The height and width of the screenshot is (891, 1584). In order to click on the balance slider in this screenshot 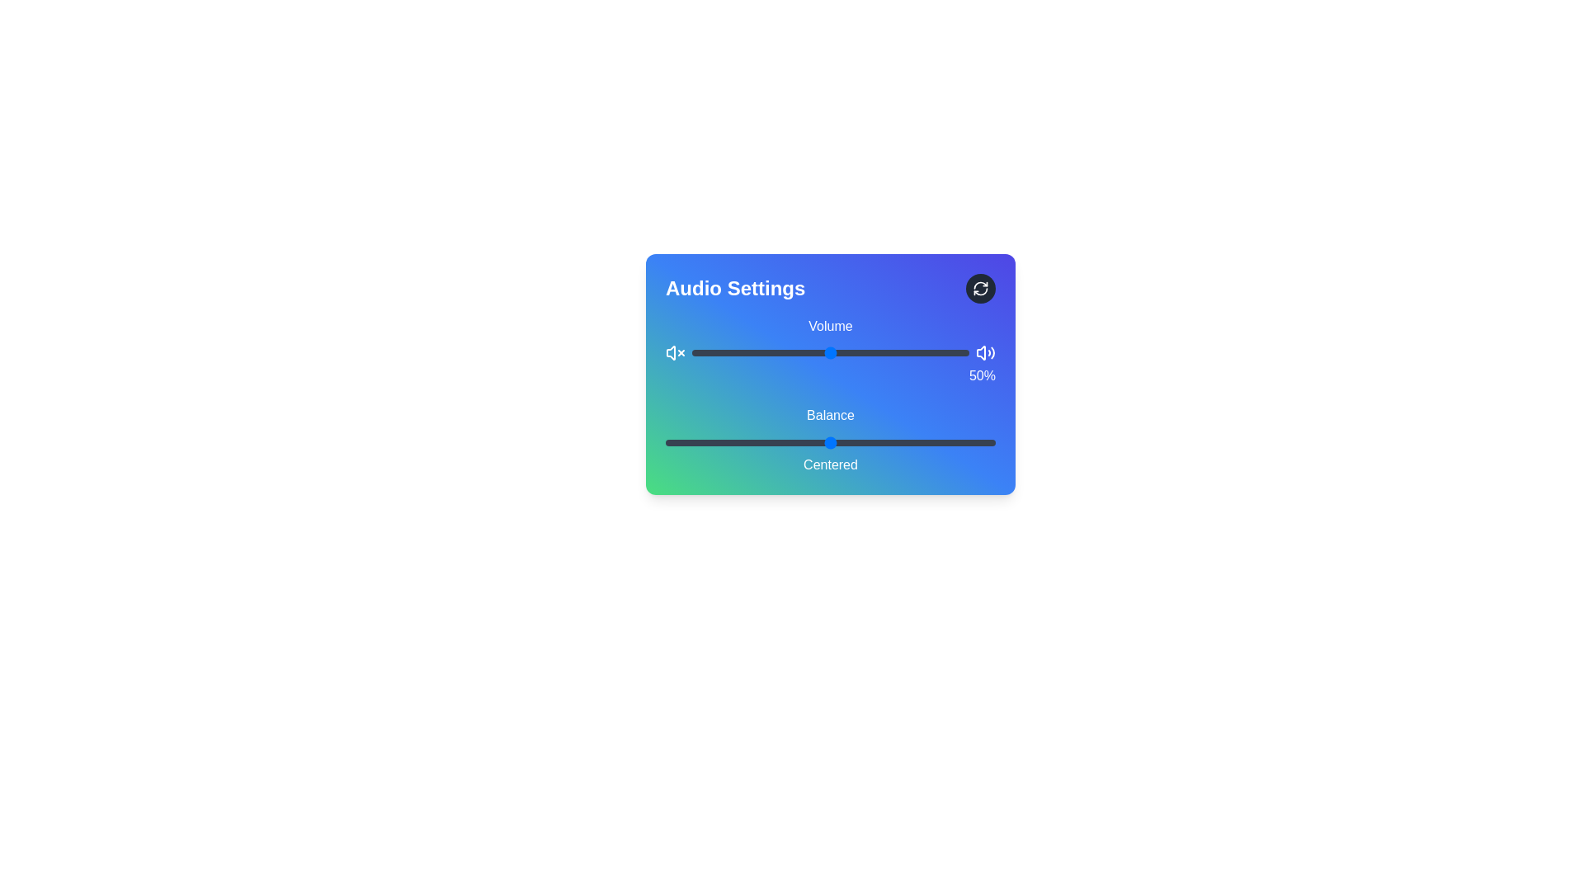, I will do `click(902, 441)`.